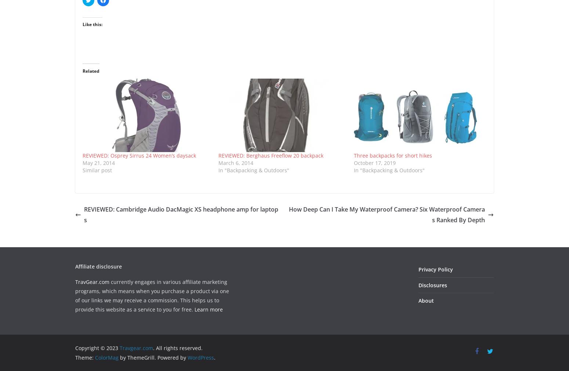 Image resolution: width=569 pixels, height=371 pixels. Describe the element at coordinates (187, 357) in the screenshot. I see `'WordPress'` at that location.